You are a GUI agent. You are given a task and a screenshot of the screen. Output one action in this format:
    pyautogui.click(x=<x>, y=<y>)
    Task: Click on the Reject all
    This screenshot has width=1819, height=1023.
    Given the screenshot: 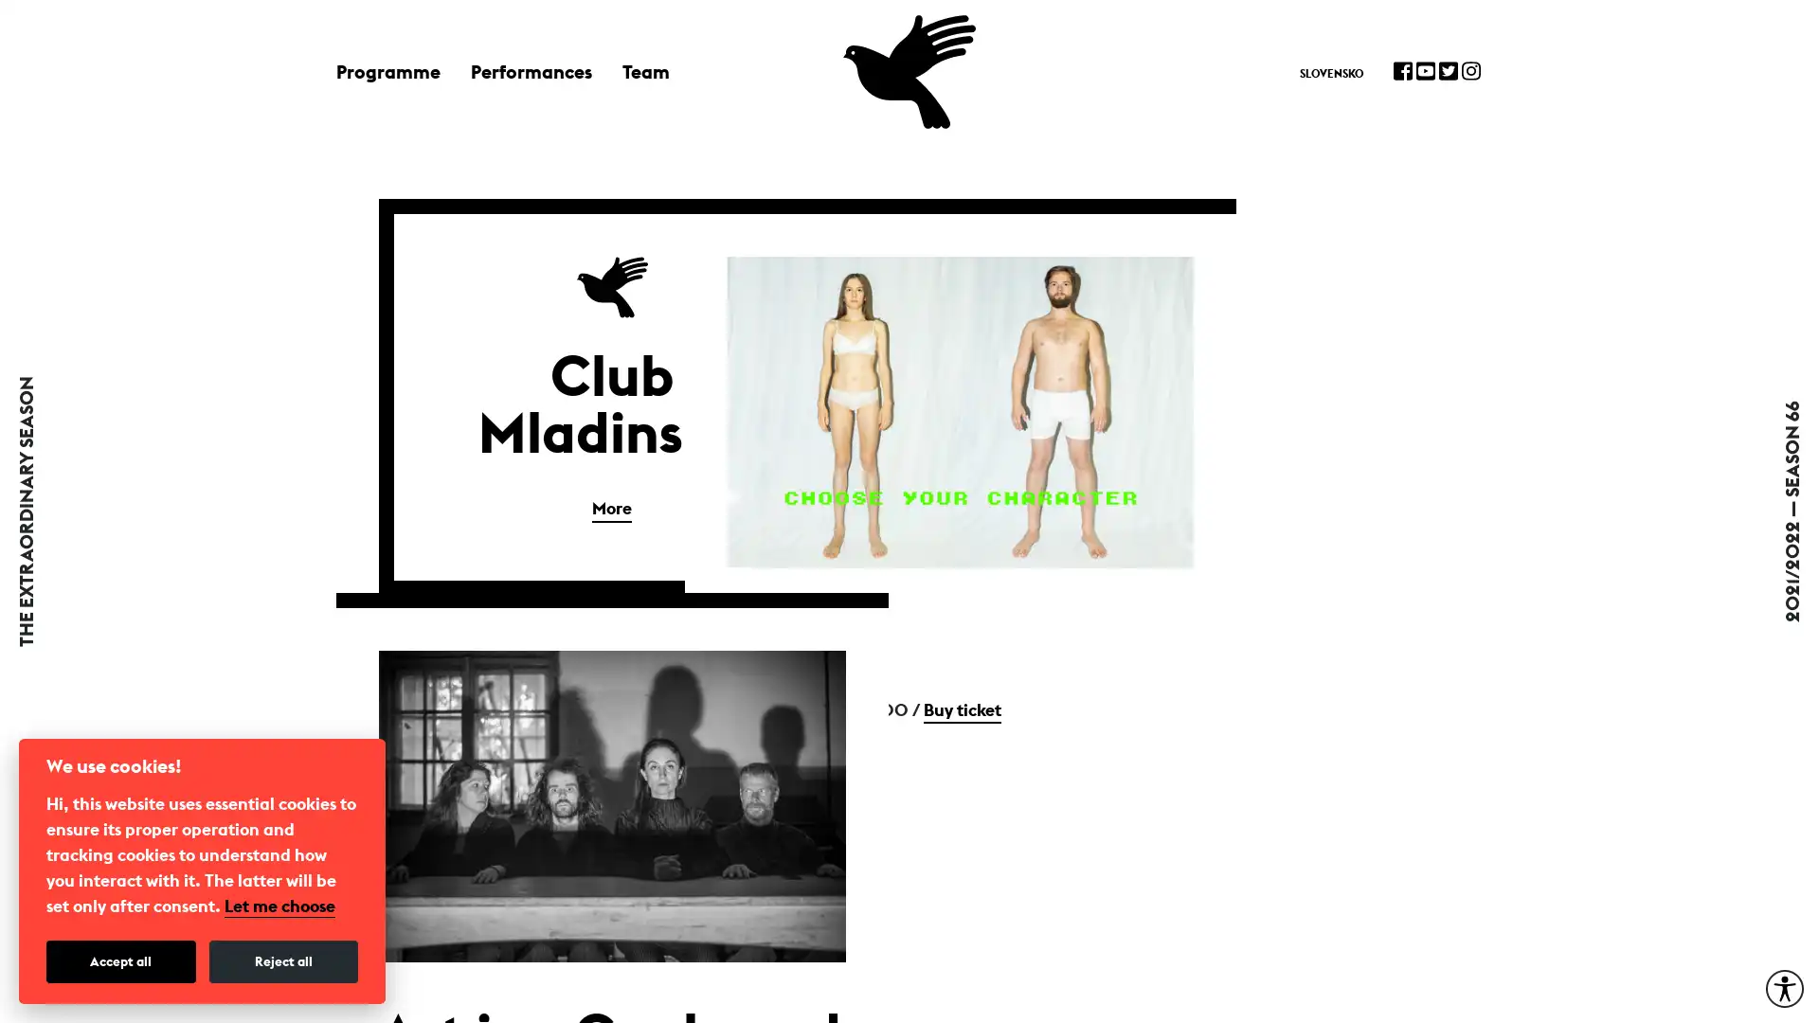 What is the action you would take?
    pyautogui.click(x=281, y=960)
    